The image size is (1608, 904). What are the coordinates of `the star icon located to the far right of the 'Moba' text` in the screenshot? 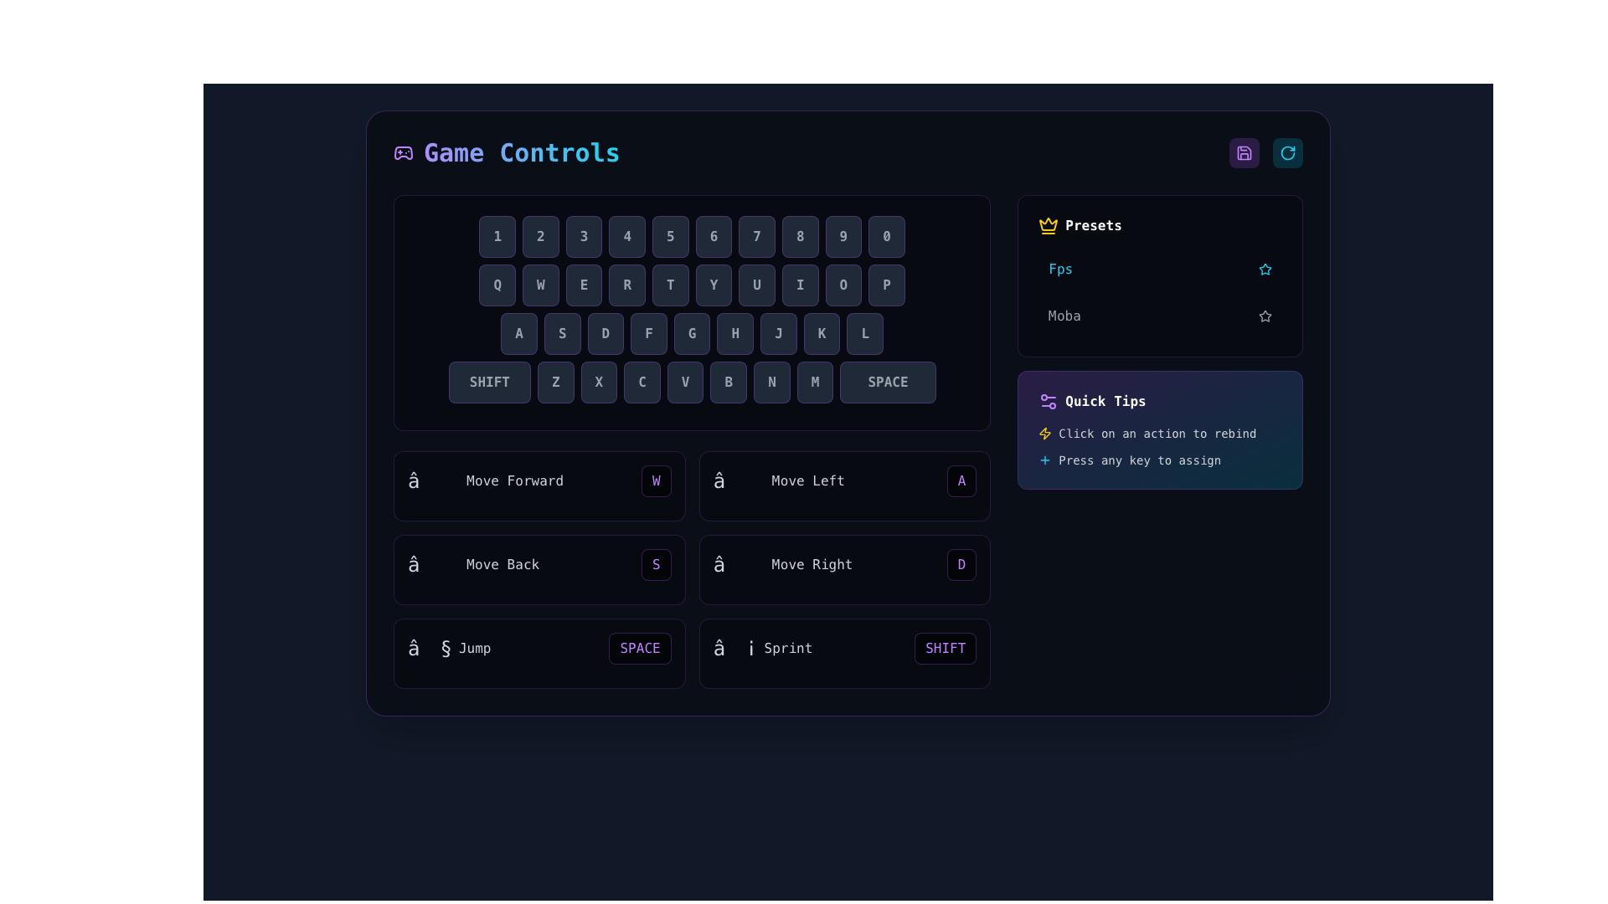 It's located at (1265, 316).